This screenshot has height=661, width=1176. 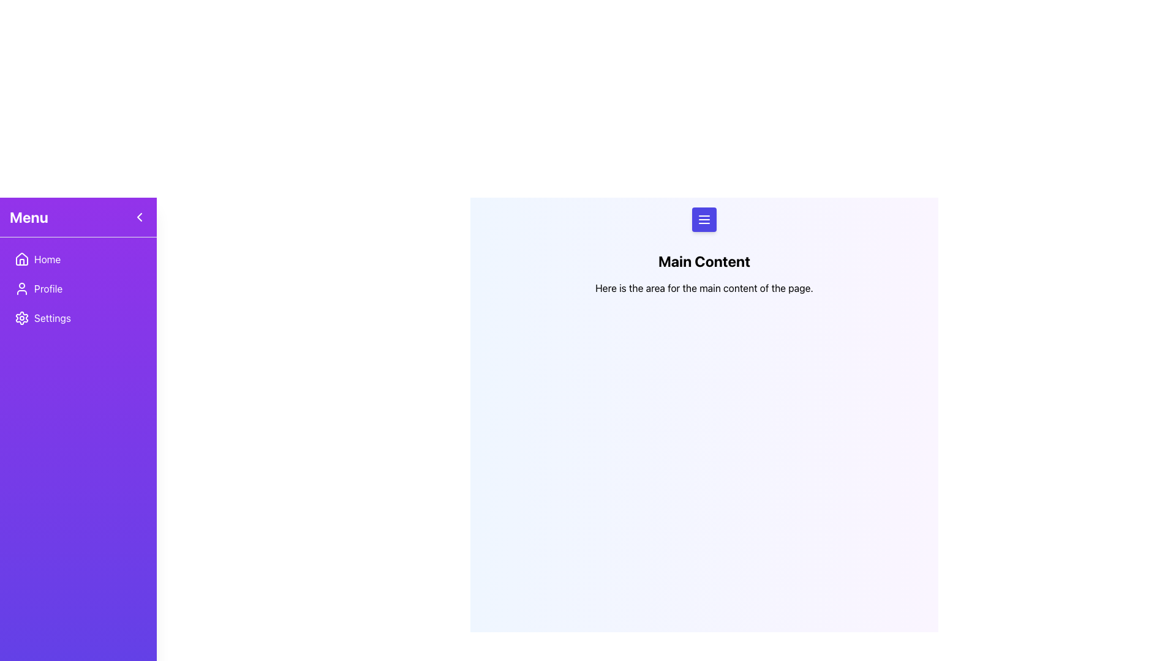 I want to click on text 'Menu' from the bold, large-sized, white font Text Label located in the purple header of the sidebar interface panel, so click(x=29, y=216).